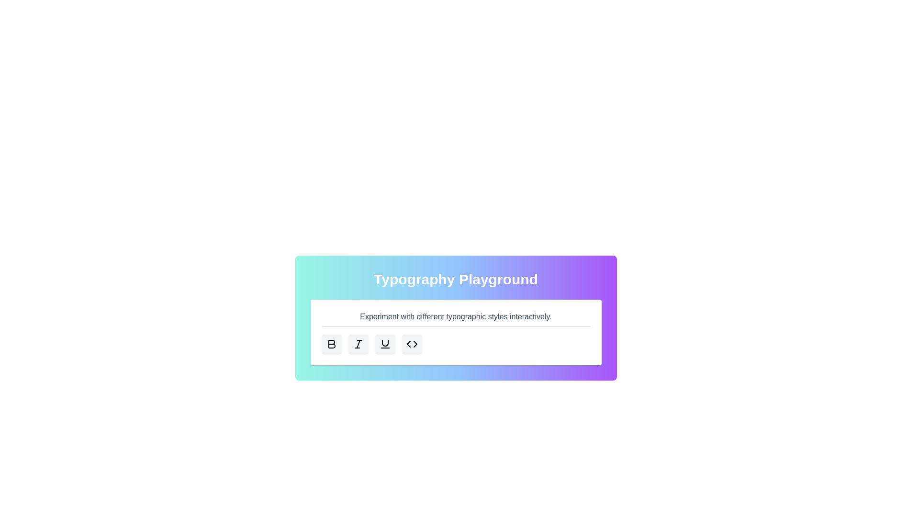 The image size is (919, 517). I want to click on the bold text formatting button, which is the leftmost button in the row within the 'Typography Playground' card, so click(331, 343).